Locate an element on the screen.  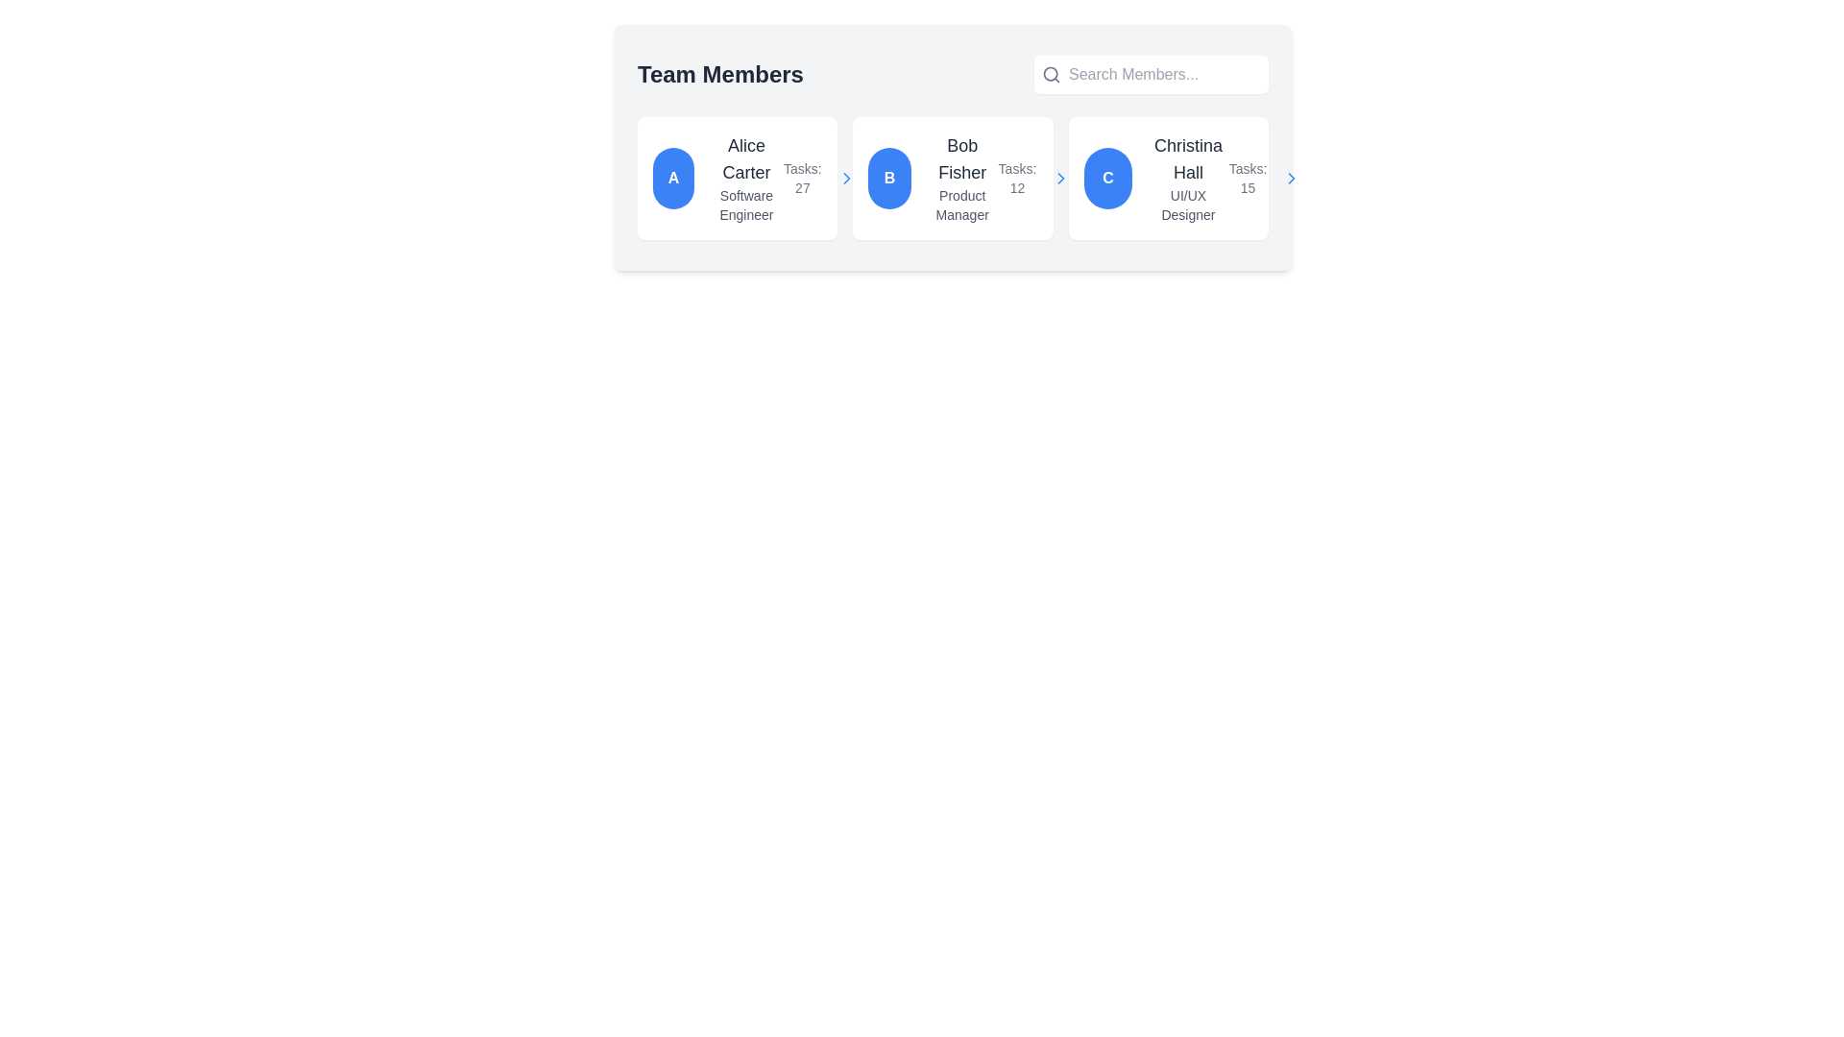
the text label 'Alice Carter' which is displayed in bold, large font at the top of the user information card, located in the first card from the left in a horizontal list is located at coordinates (745, 157).